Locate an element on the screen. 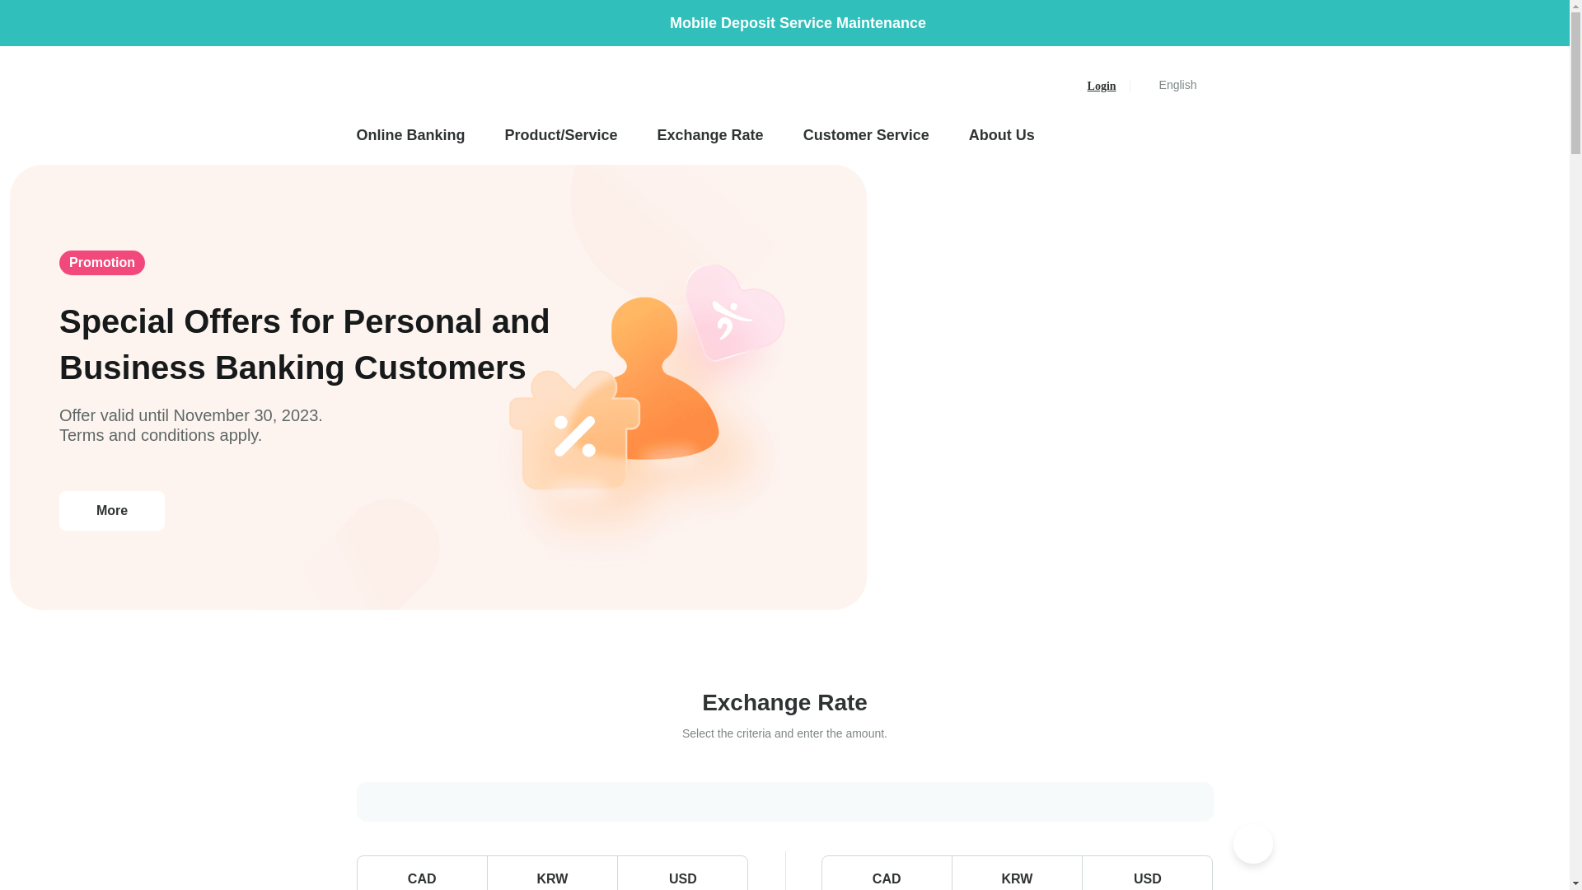 The width and height of the screenshot is (1582, 890). 'Exchange Rate' is located at coordinates (710, 134).